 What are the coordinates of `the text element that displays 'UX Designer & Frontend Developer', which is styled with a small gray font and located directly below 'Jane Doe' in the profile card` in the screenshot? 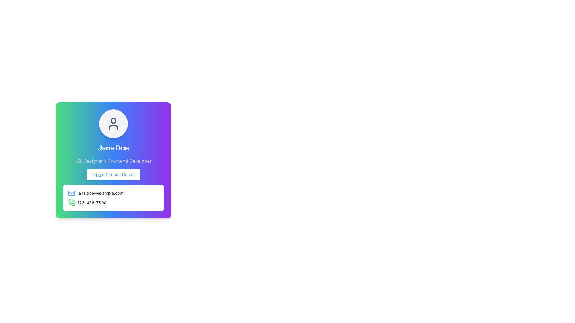 It's located at (114, 160).